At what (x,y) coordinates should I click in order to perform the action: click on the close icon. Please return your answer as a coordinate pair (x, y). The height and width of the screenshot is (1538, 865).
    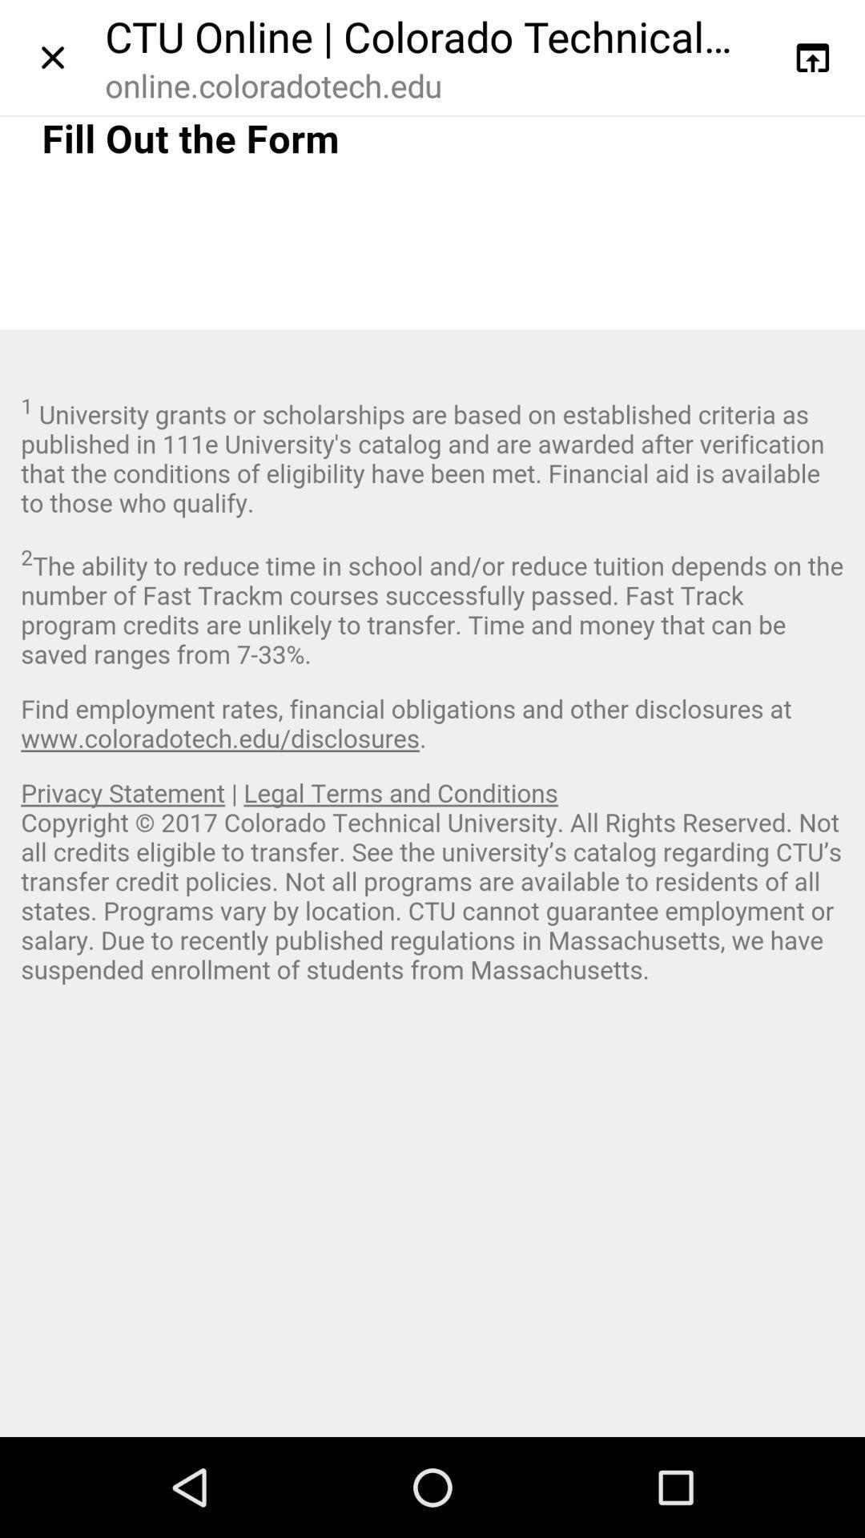
    Looking at the image, I should click on (51, 61).